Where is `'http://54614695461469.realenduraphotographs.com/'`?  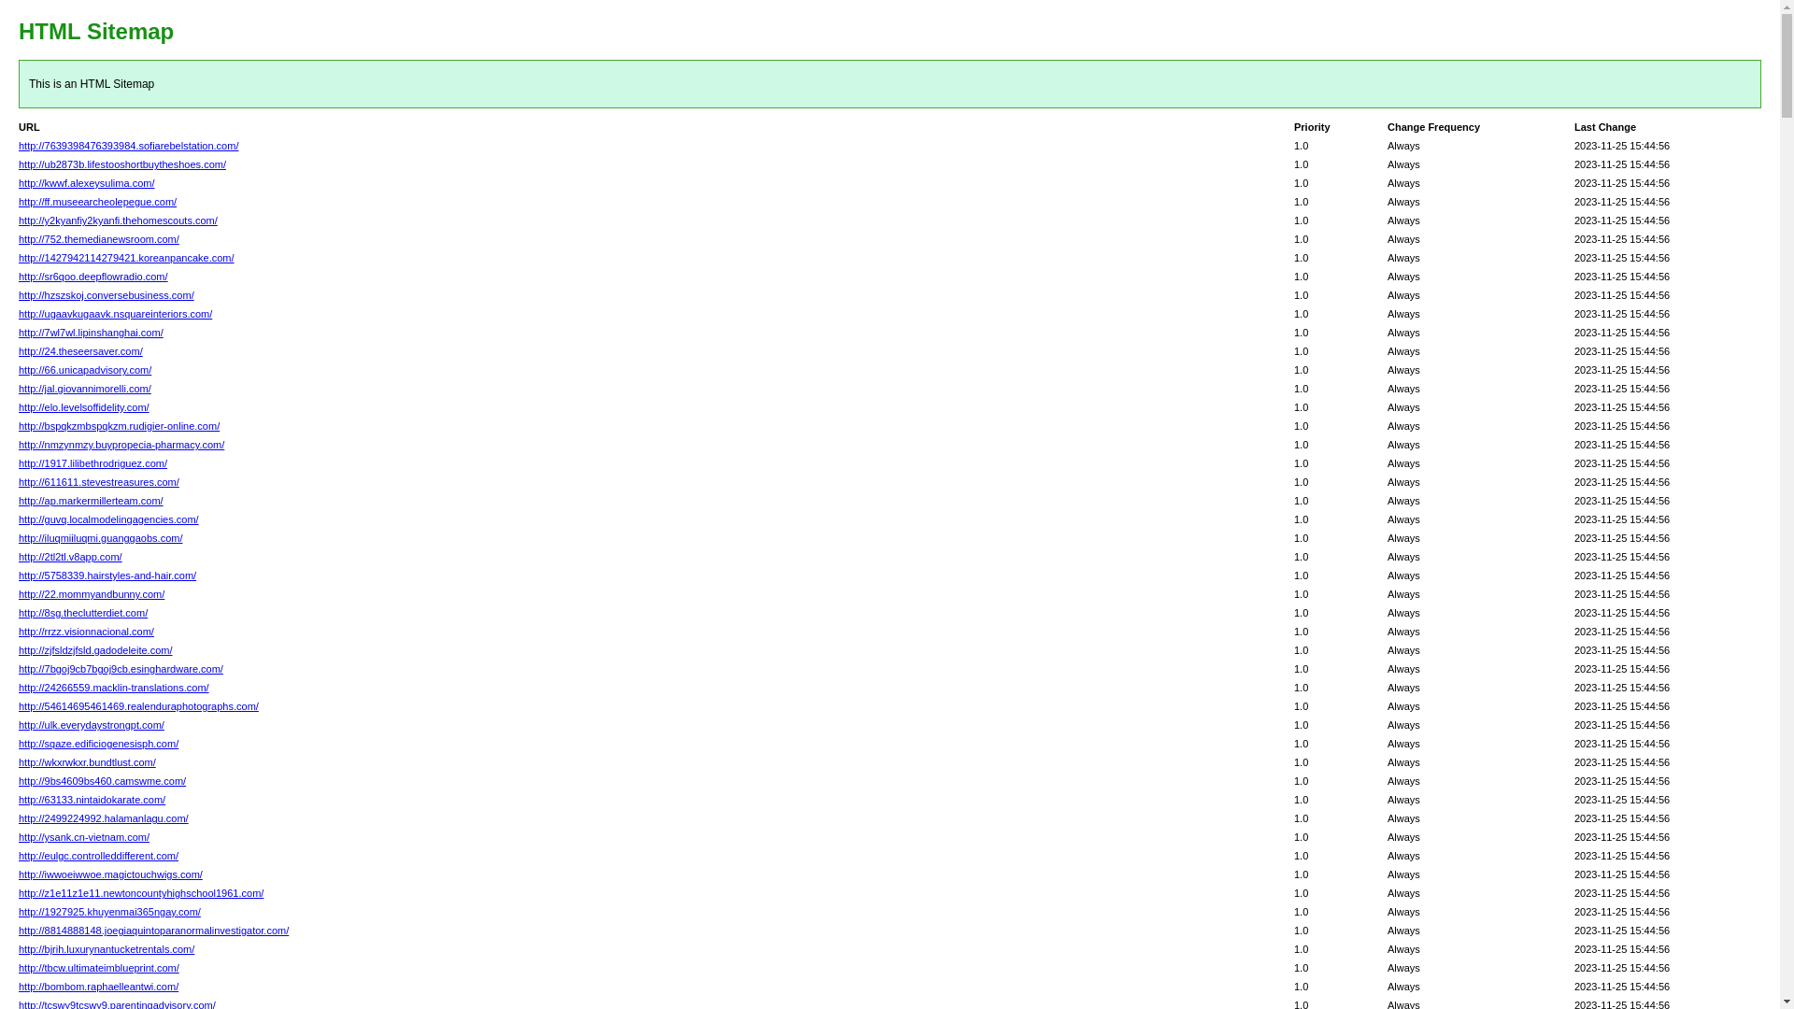
'http://54614695461469.realenduraphotographs.com/' is located at coordinates (18, 706).